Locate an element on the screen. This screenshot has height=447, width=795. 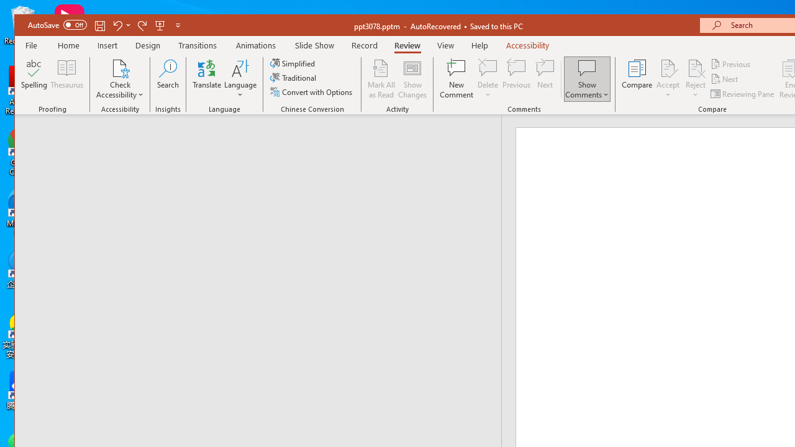
'Outline' is located at coordinates (263, 140).